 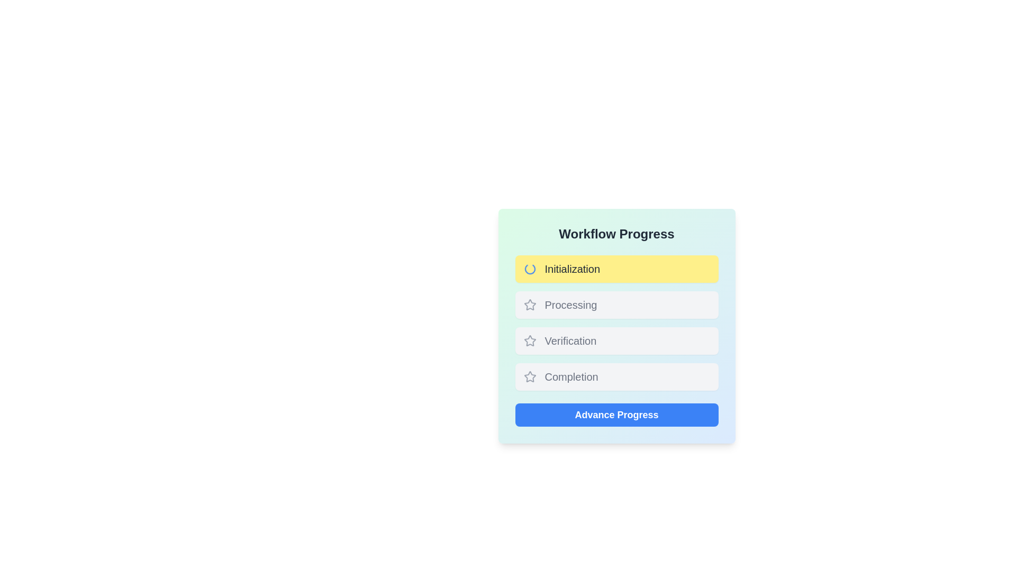 I want to click on the star-shaped icon with a gray outline that is part of the workflow progress list, positioned to the left of the text 'Processing', so click(x=530, y=305).